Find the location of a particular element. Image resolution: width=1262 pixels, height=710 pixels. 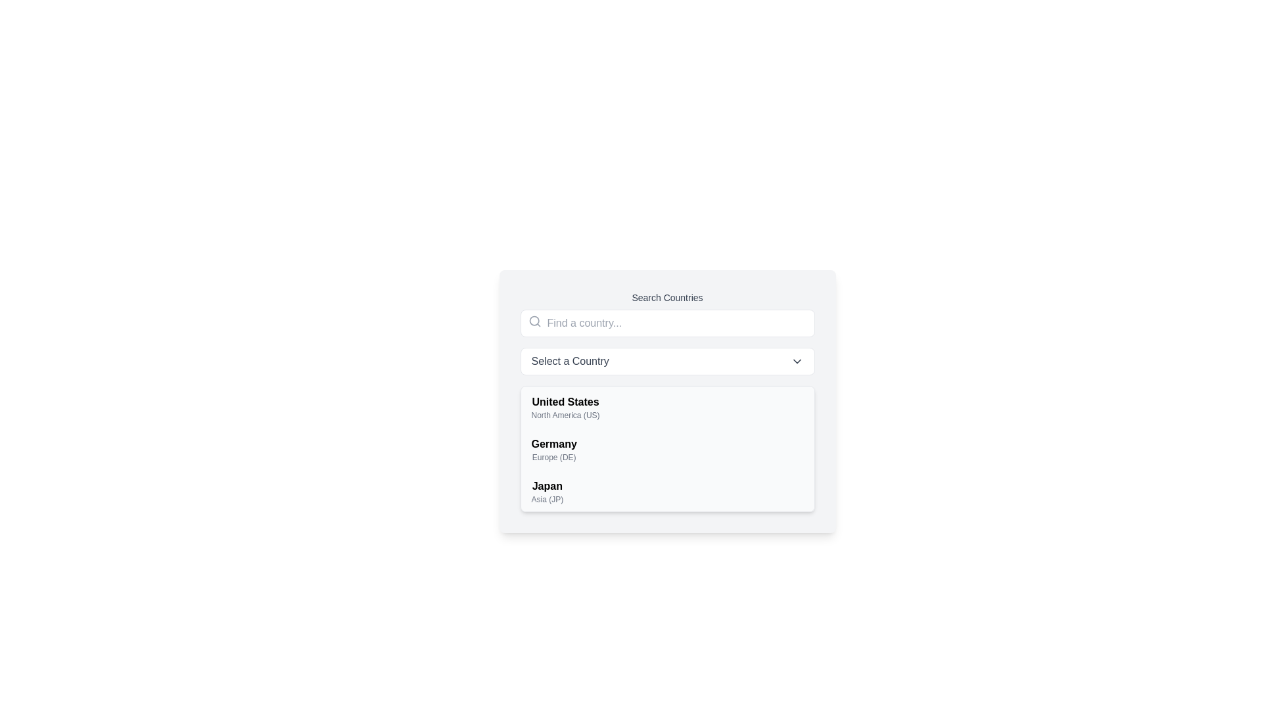

the selectable list item representing Germany, which is the second item in the list located below 'United States' and above 'Japan' is located at coordinates (667, 448).